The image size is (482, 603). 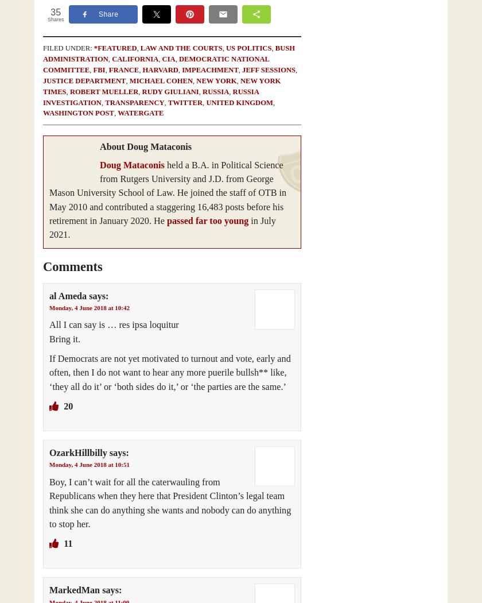 What do you see at coordinates (209, 68) in the screenshot?
I see `'impeachment'` at bounding box center [209, 68].